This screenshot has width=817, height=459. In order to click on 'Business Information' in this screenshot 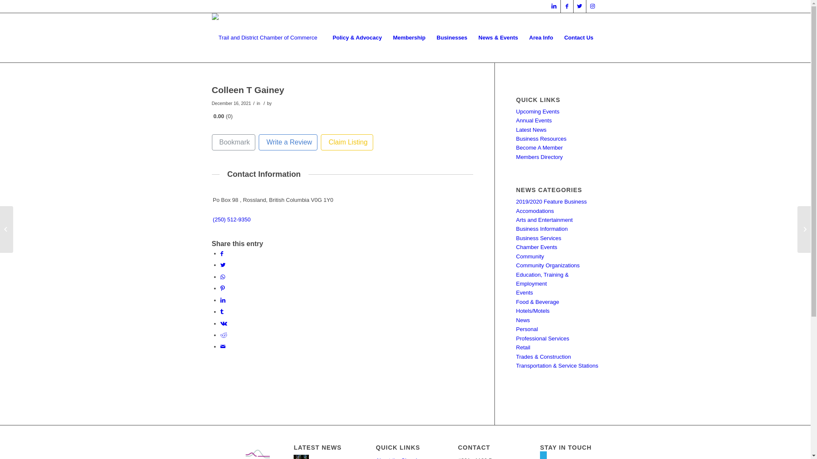, I will do `click(541, 228)`.